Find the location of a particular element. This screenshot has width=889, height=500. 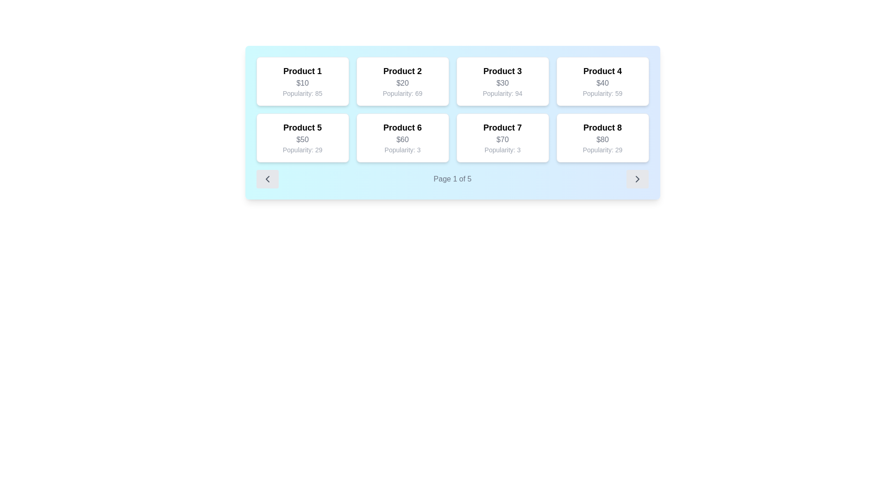

the Text Label indicating the popularity score ('69') of 'Product 2', which is positioned below the price label '$20' is located at coordinates (402, 93).